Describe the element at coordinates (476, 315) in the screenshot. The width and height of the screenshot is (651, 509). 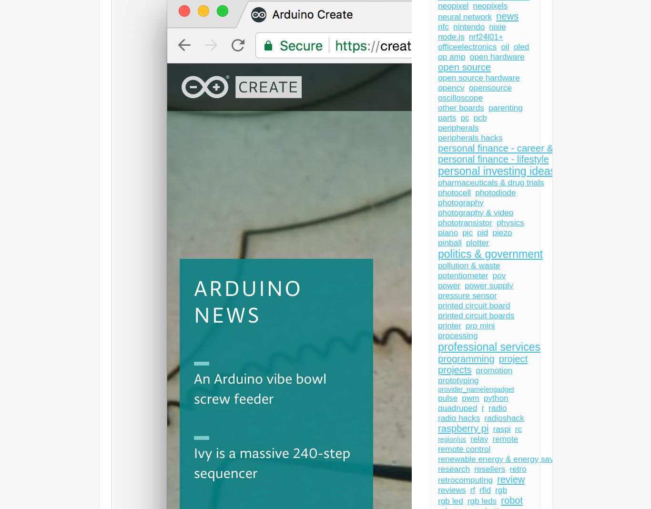
I see `'printed circuit boards'` at that location.